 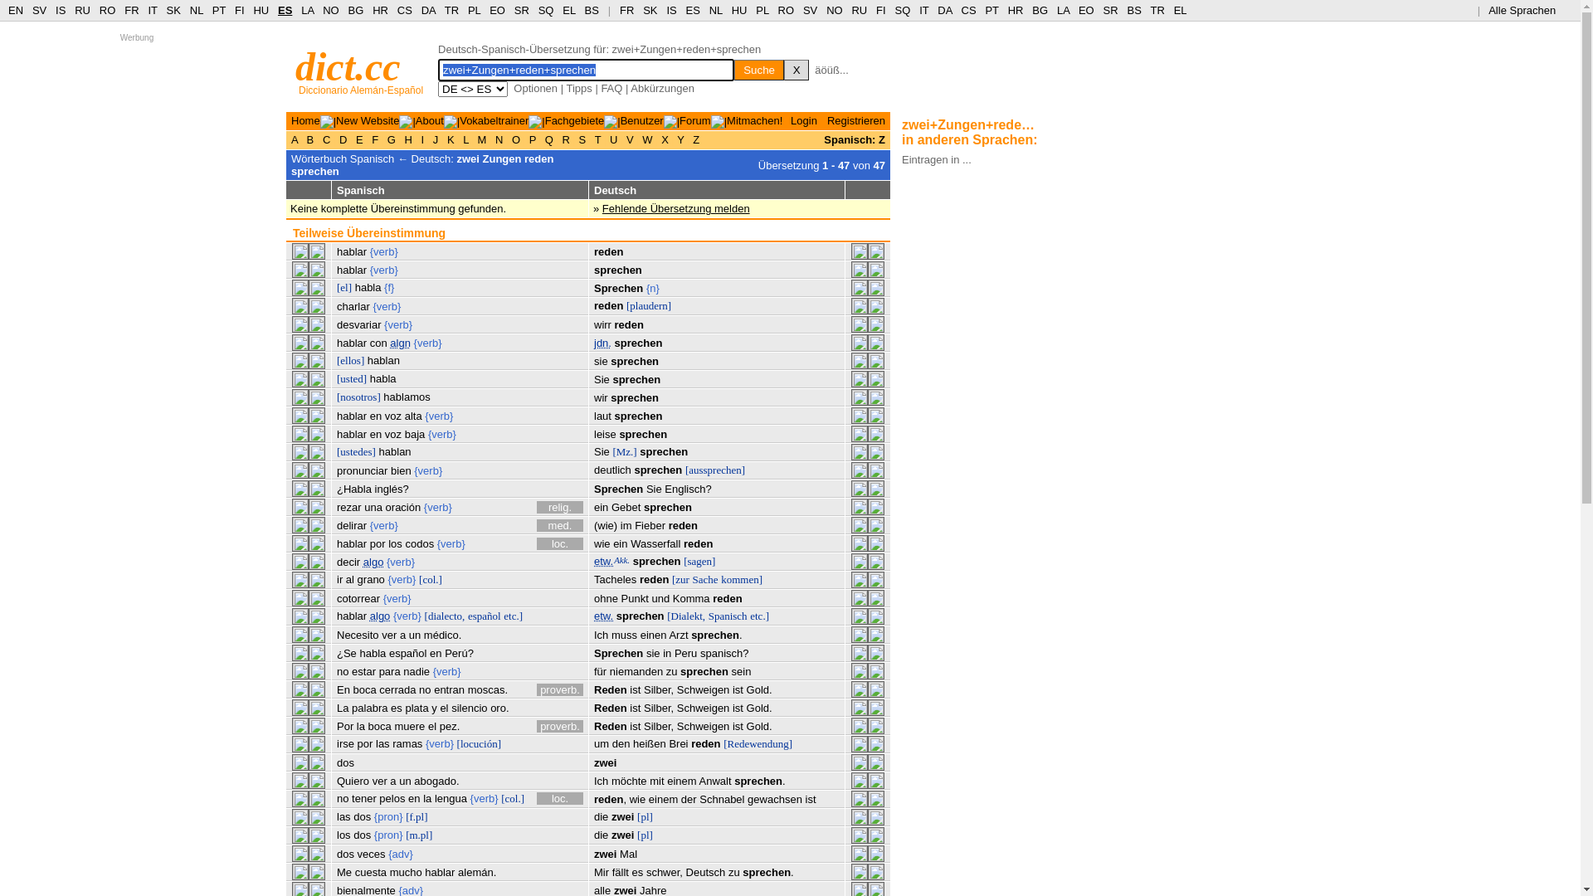 What do you see at coordinates (627, 854) in the screenshot?
I see `'Mal'` at bounding box center [627, 854].